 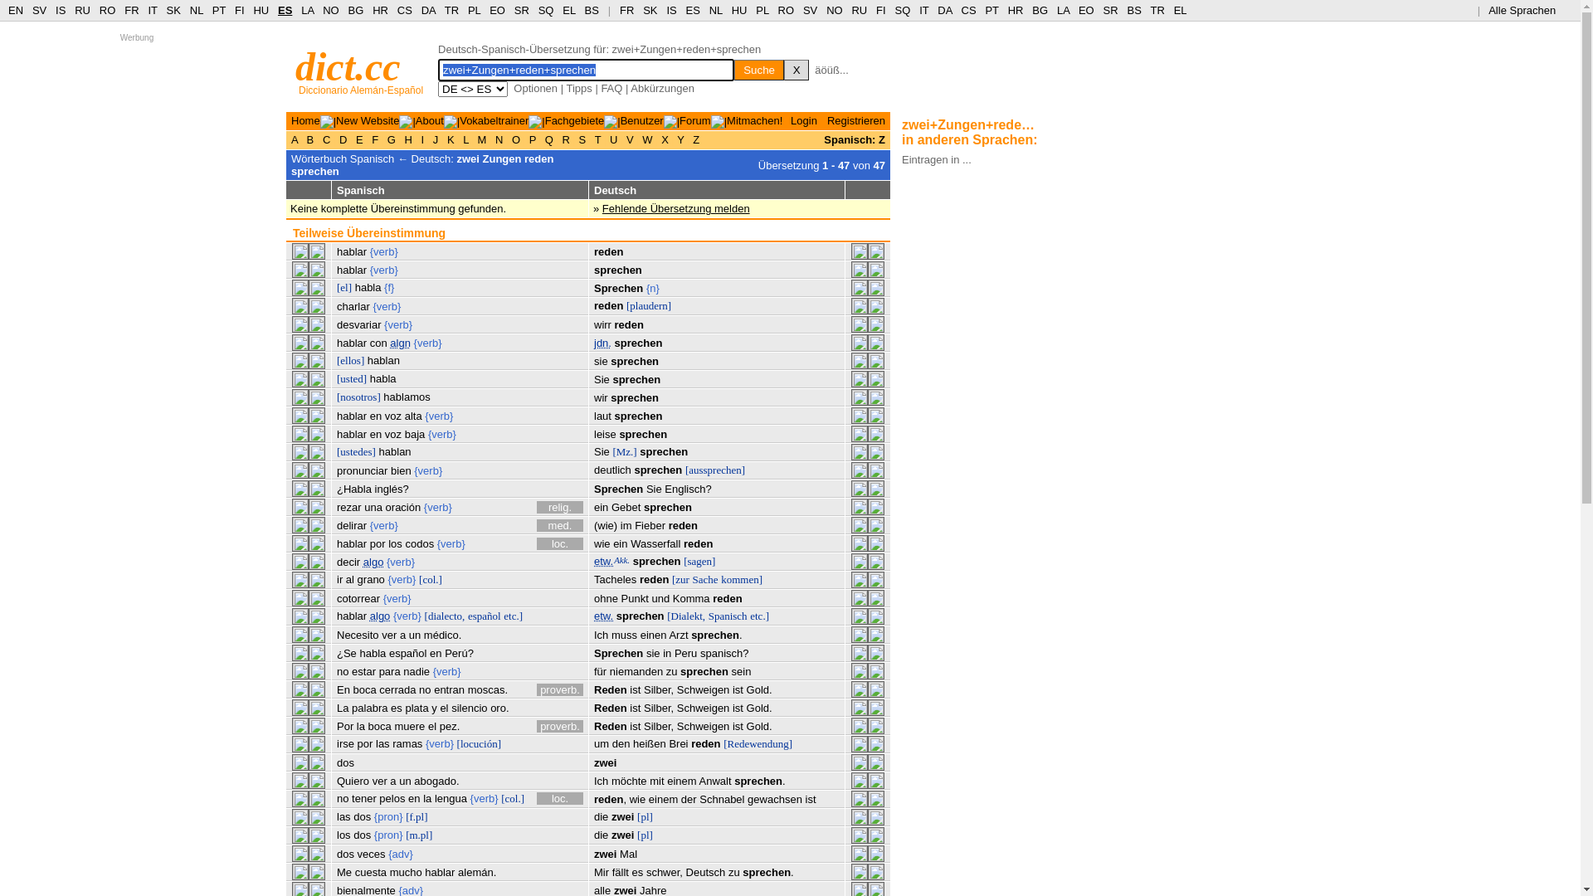 What do you see at coordinates (627, 854) in the screenshot?
I see `'Mal'` at bounding box center [627, 854].